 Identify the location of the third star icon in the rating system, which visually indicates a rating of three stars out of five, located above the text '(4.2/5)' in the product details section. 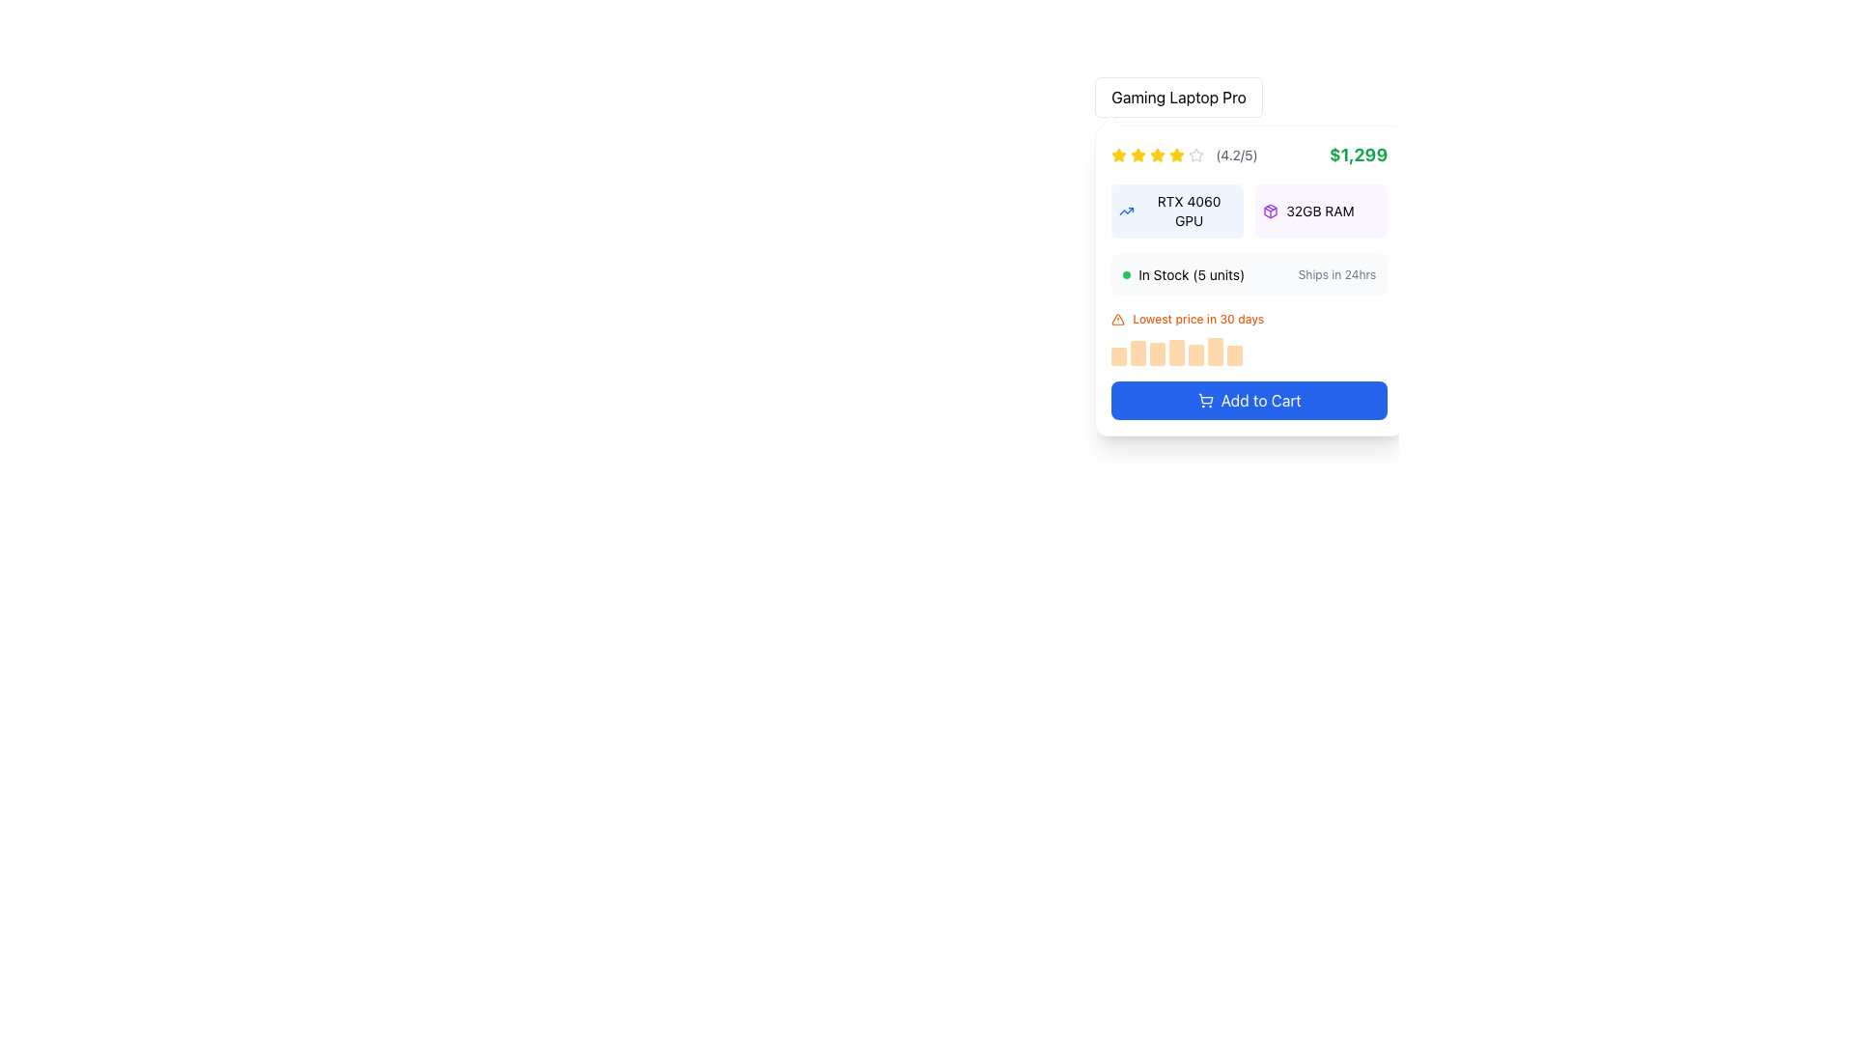
(1138, 155).